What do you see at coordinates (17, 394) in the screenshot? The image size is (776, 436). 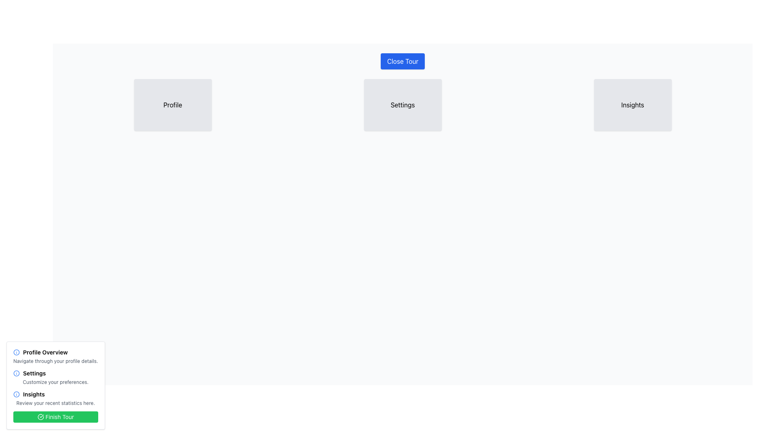 I see `the SVG circle element that represents the 'info' indicator next to the 'Profile Overview' list item at the bottom left of the layout` at bounding box center [17, 394].